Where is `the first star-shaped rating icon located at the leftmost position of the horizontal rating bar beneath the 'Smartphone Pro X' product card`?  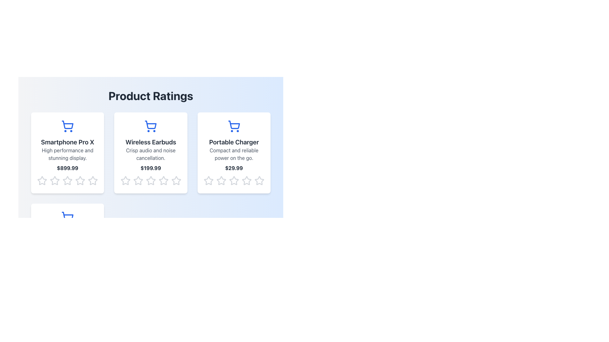 the first star-shaped rating icon located at the leftmost position of the horizontal rating bar beneath the 'Smartphone Pro X' product card is located at coordinates (42, 180).